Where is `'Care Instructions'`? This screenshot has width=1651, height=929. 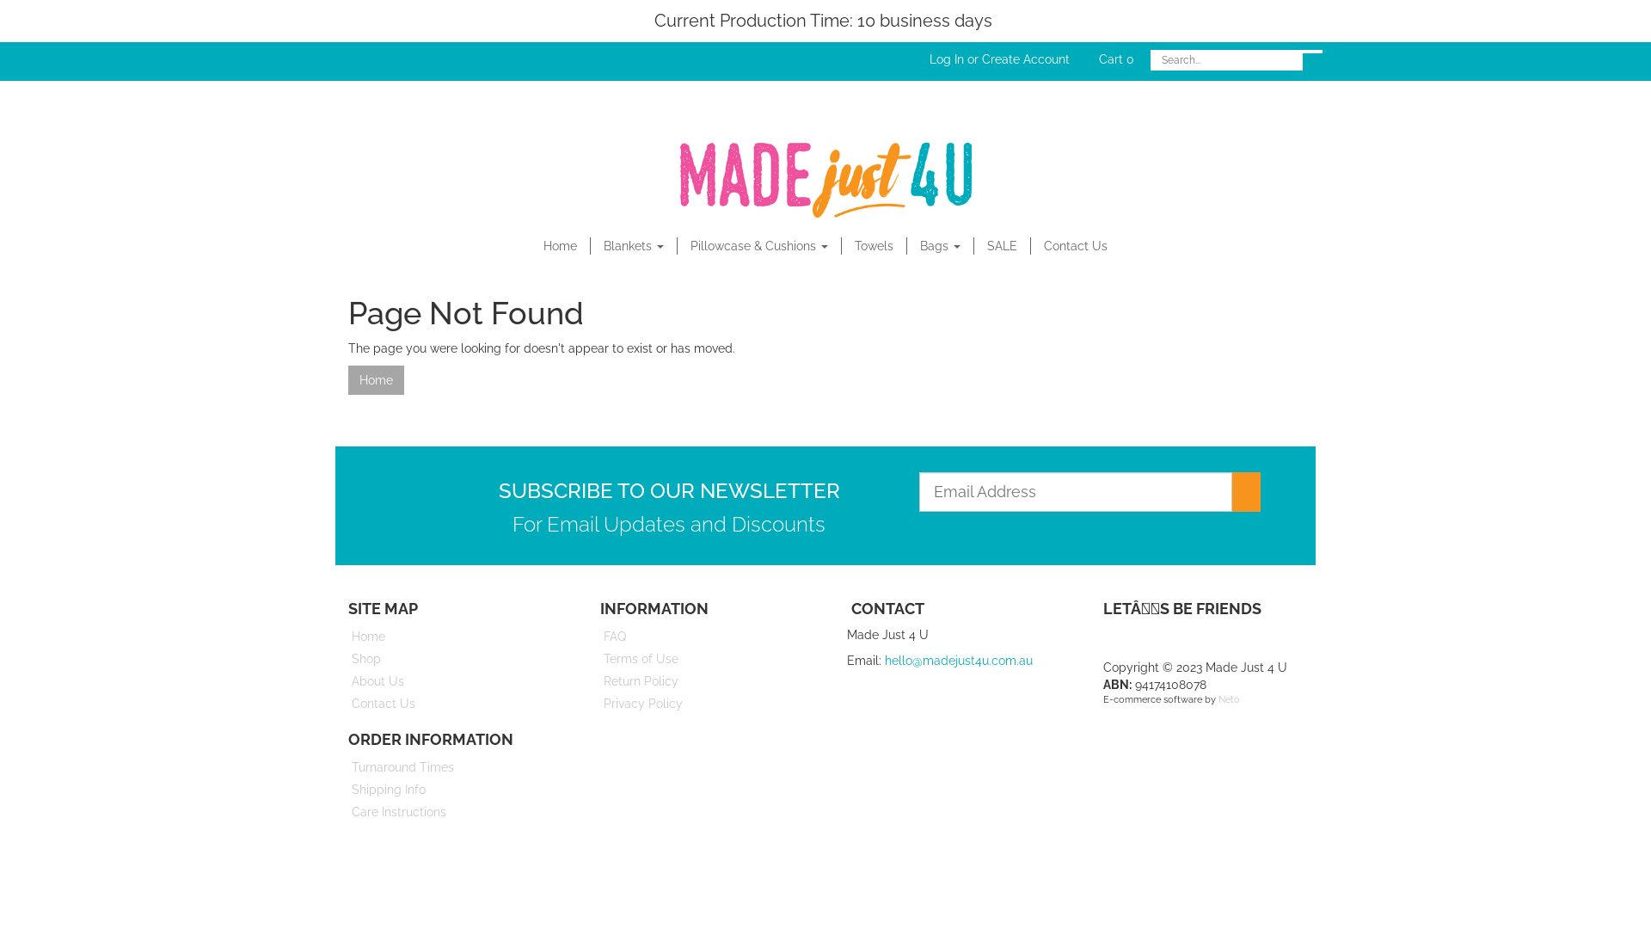
'Care Instructions' is located at coordinates (454, 812).